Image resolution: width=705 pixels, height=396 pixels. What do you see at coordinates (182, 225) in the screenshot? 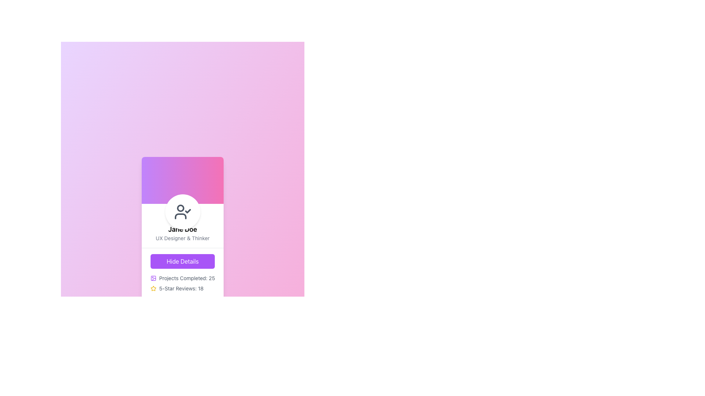
I see `the Text Display Block that shows 'Jane Doe' and 'UX Designer & Thinker', which is located in the center section of the profile card, prominently placed below the avatar and above the 'Hide Details' button` at bounding box center [182, 225].